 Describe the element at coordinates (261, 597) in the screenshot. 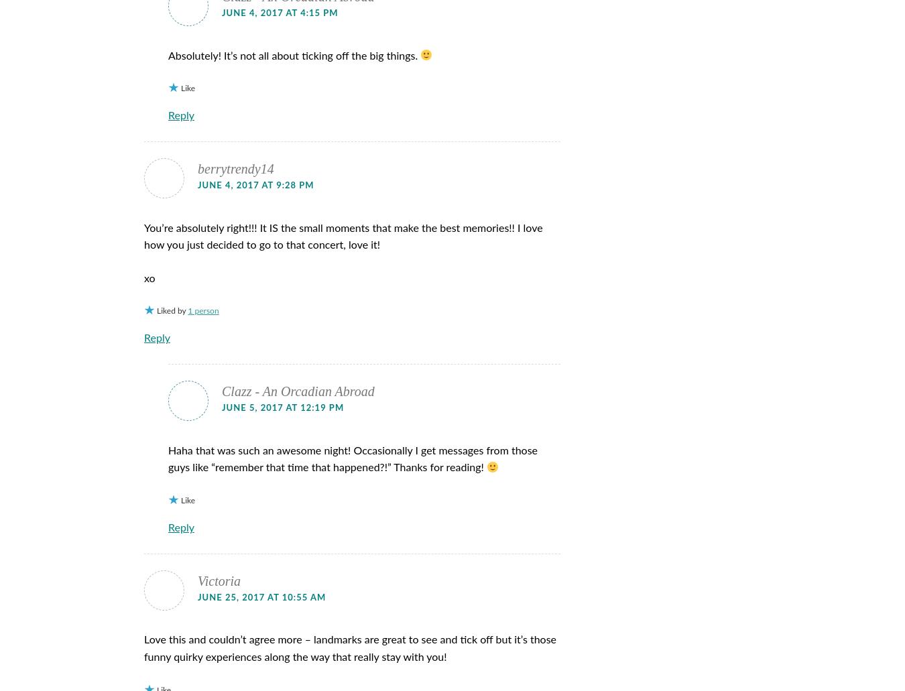

I see `'June 25, 2017 at 10:55 am'` at that location.